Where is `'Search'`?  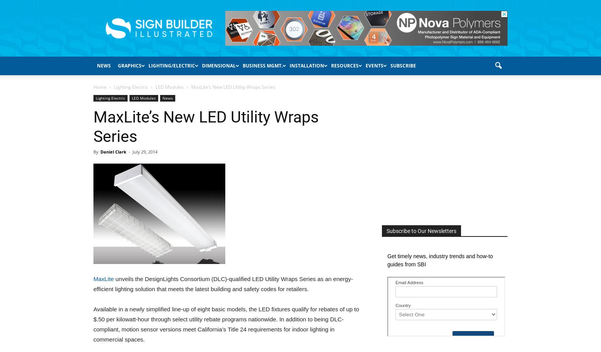
'Search' is located at coordinates (300, 31).